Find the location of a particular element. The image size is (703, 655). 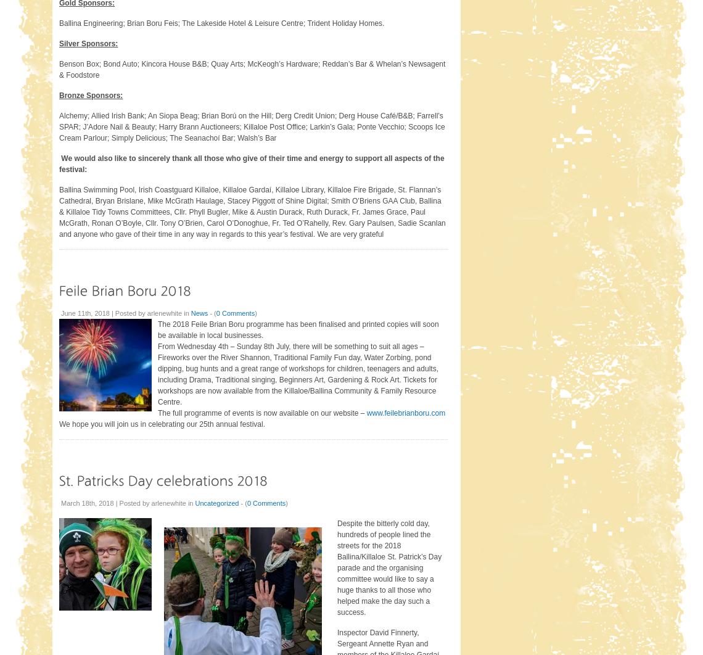

'Benson Box; Bond Auto; Kincora House B&B; Quay Arts; McKeogh’s Hardware; Reddan’s Bar & Whelan’s Newsagent & Foodstore' is located at coordinates (252, 69).